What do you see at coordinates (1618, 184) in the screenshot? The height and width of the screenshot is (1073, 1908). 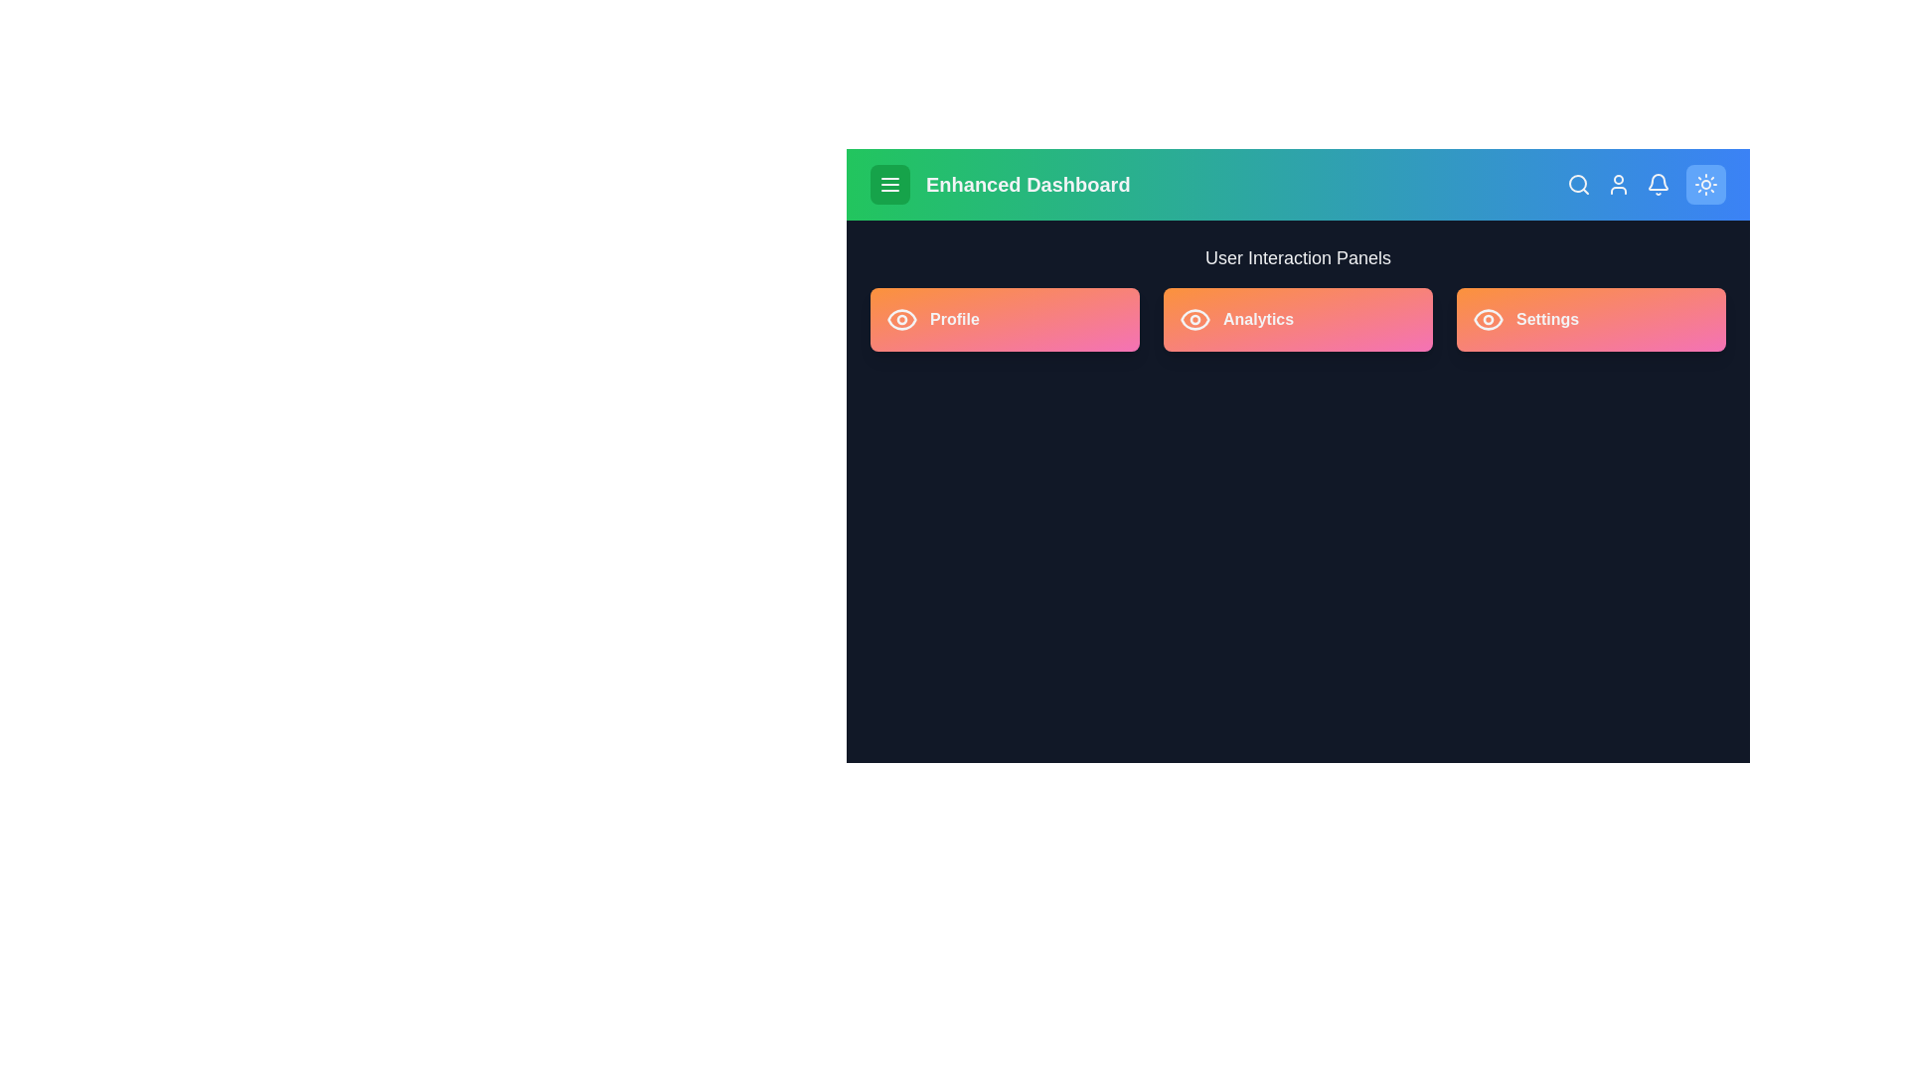 I see `the user icon to access the user profile` at bounding box center [1618, 184].